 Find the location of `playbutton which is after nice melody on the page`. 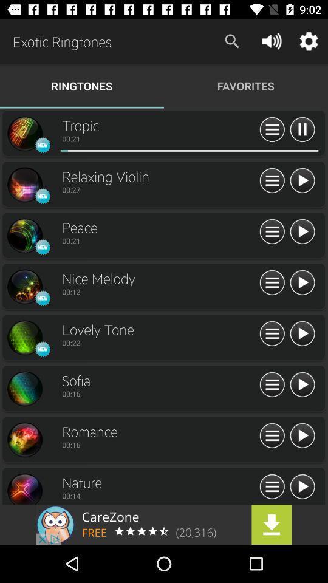

playbutton which is after nice melody on the page is located at coordinates (301, 283).